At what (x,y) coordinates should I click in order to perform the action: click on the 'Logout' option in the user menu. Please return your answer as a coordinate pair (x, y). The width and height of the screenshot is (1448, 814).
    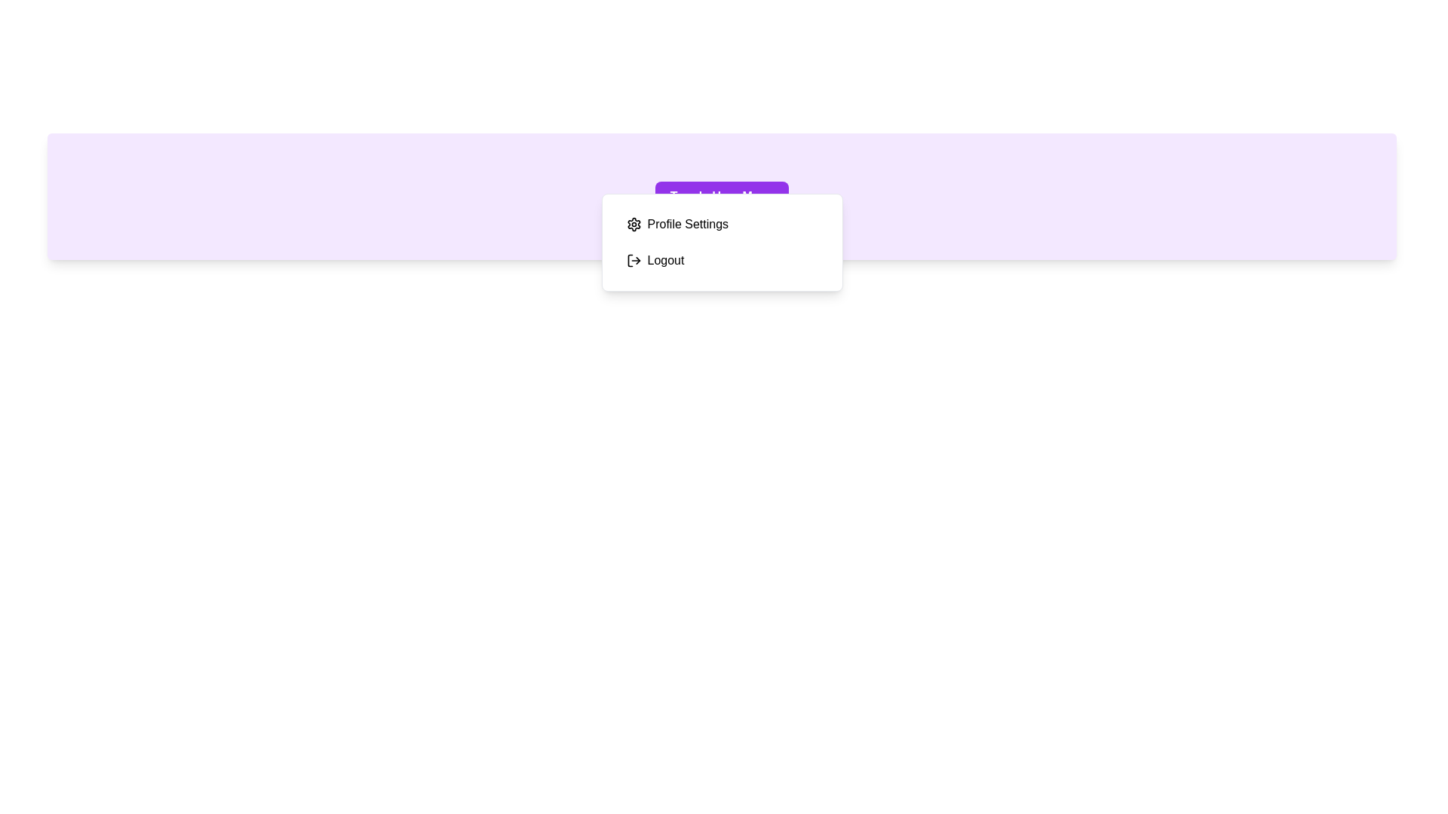
    Looking at the image, I should click on (721, 260).